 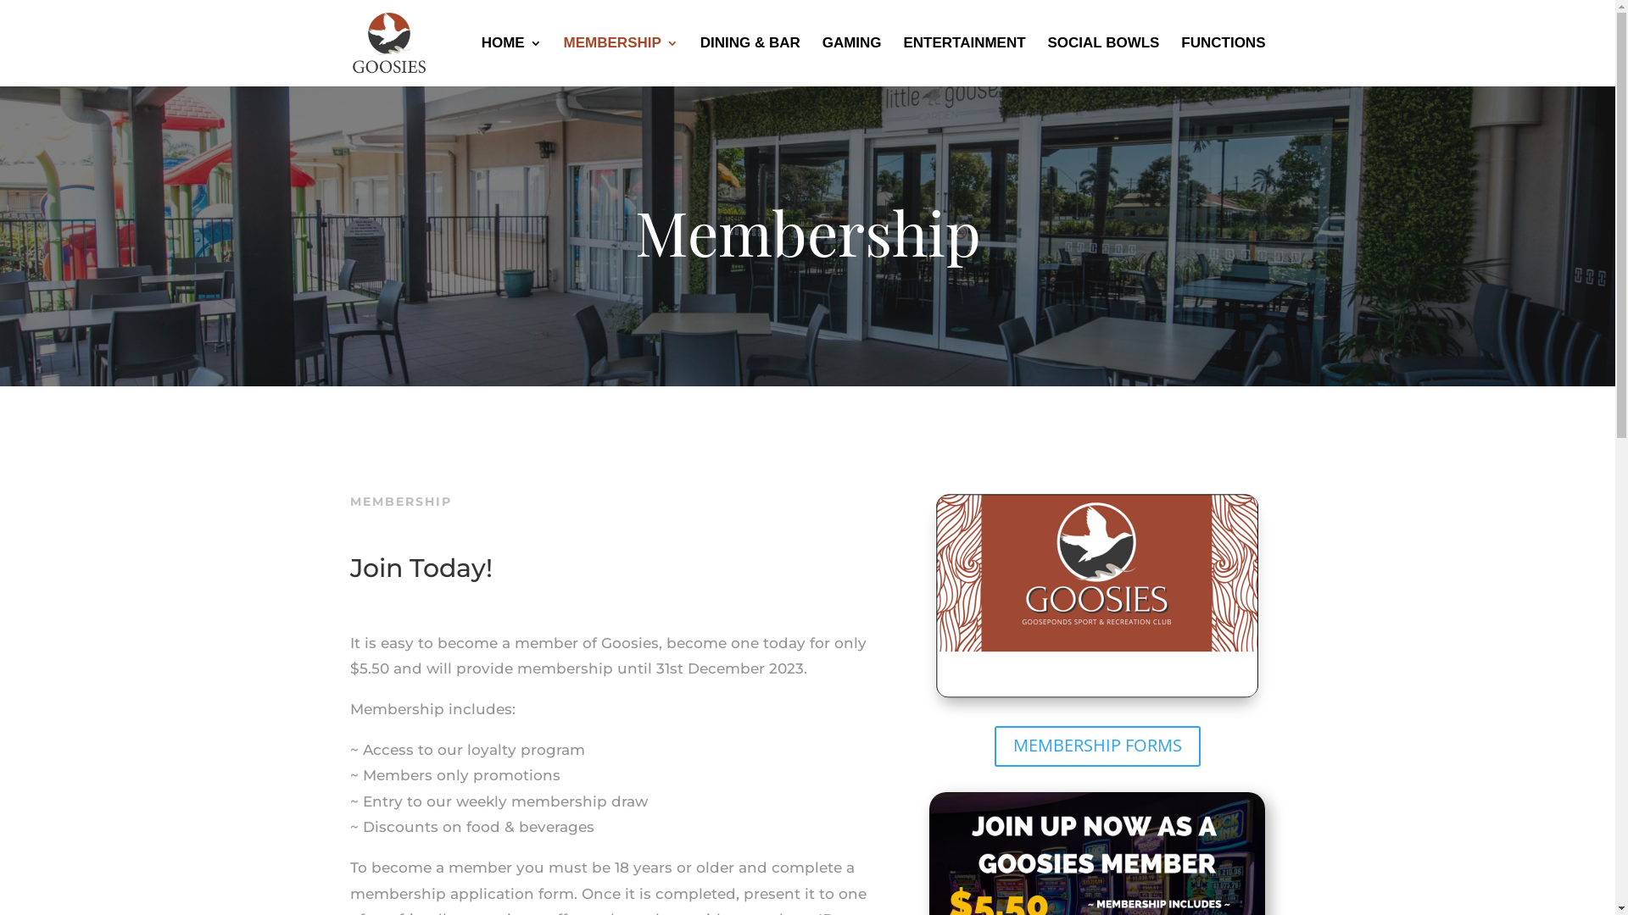 What do you see at coordinates (1223, 61) in the screenshot?
I see `'FUNCTIONS'` at bounding box center [1223, 61].